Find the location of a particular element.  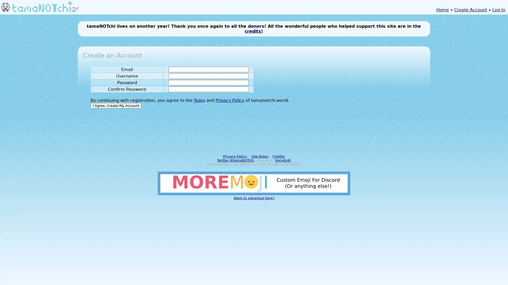

I Agree. Create My Account is located at coordinates (115, 106).